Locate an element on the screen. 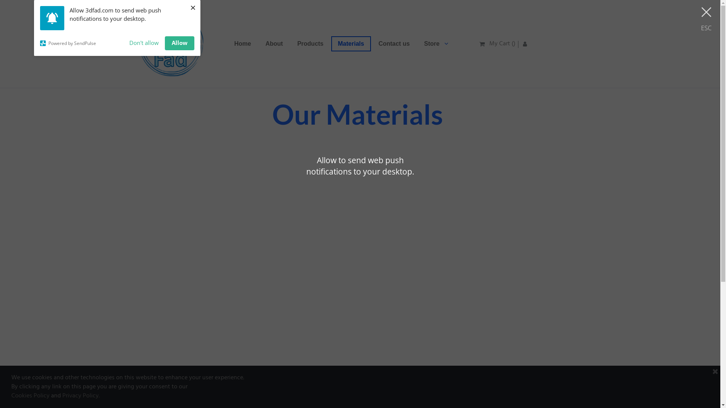  'Don't allow' is located at coordinates (144, 43).